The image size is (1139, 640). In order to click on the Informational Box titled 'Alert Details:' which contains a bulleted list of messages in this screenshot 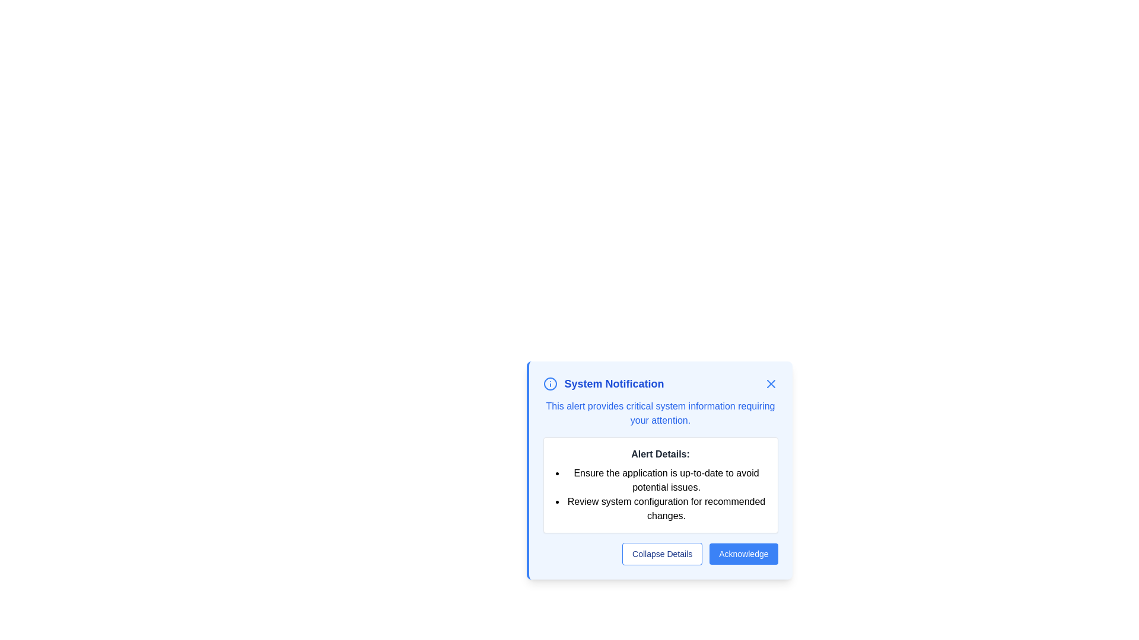, I will do `click(660, 485)`.